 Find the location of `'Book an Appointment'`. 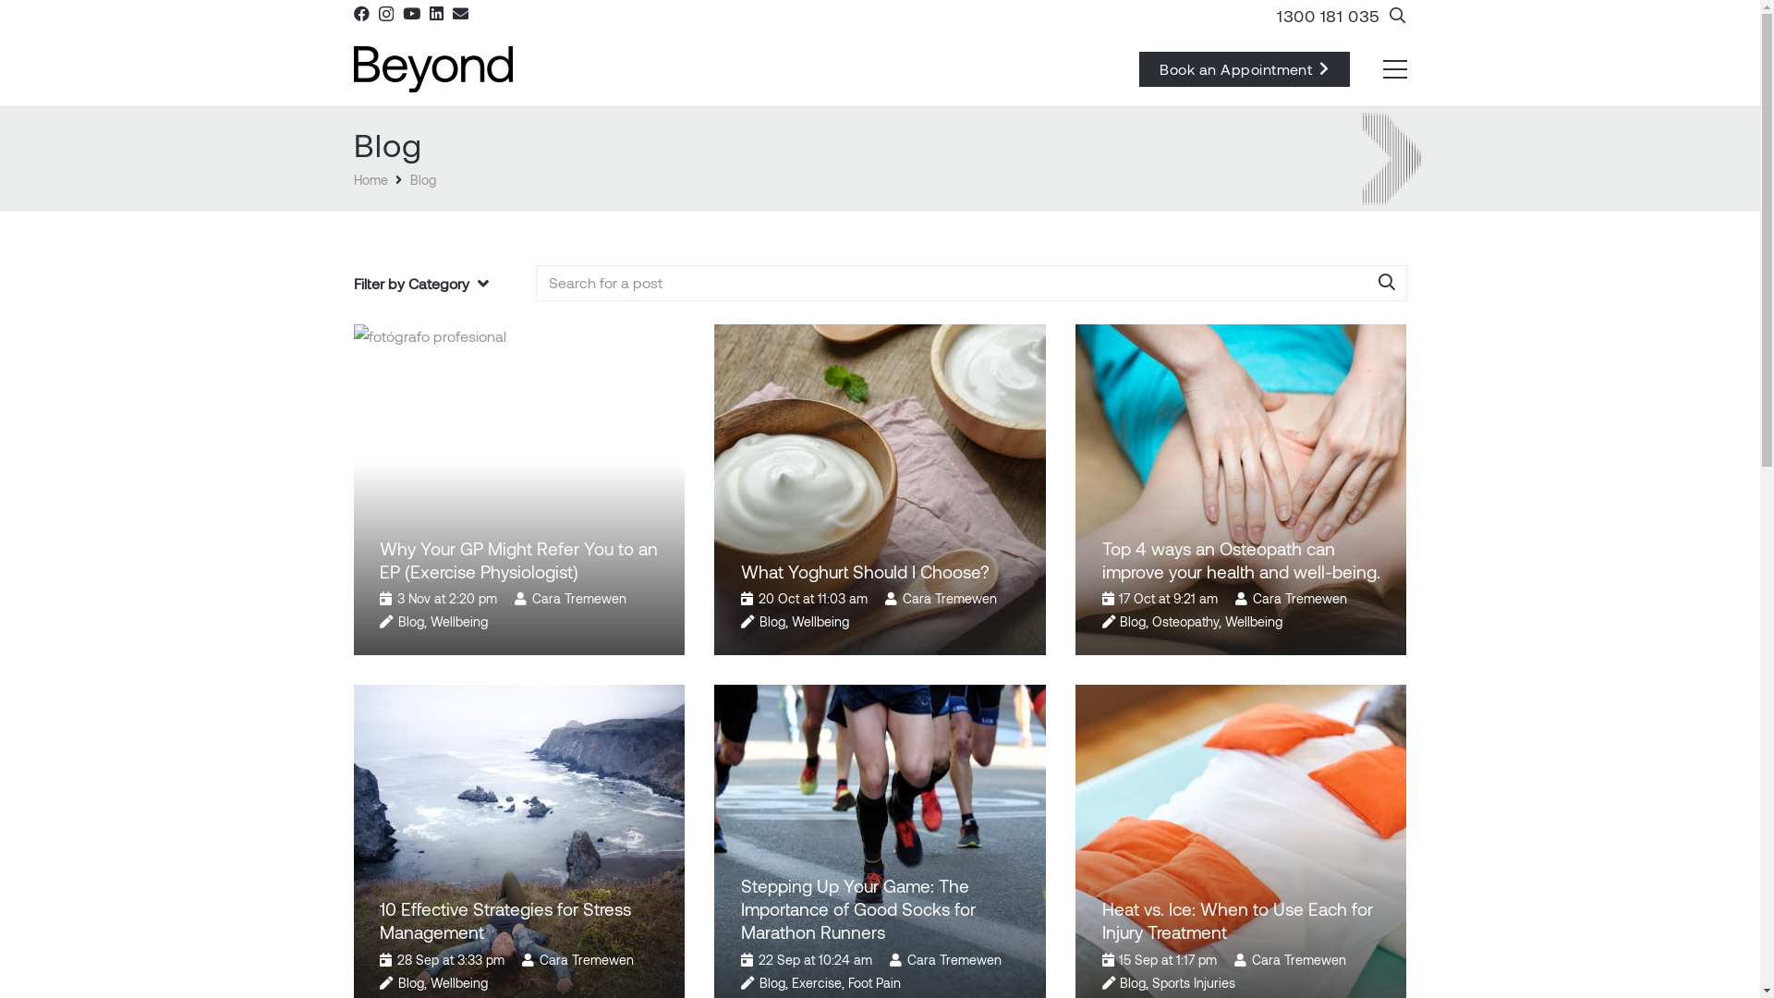

'Book an Appointment' is located at coordinates (1245, 67).